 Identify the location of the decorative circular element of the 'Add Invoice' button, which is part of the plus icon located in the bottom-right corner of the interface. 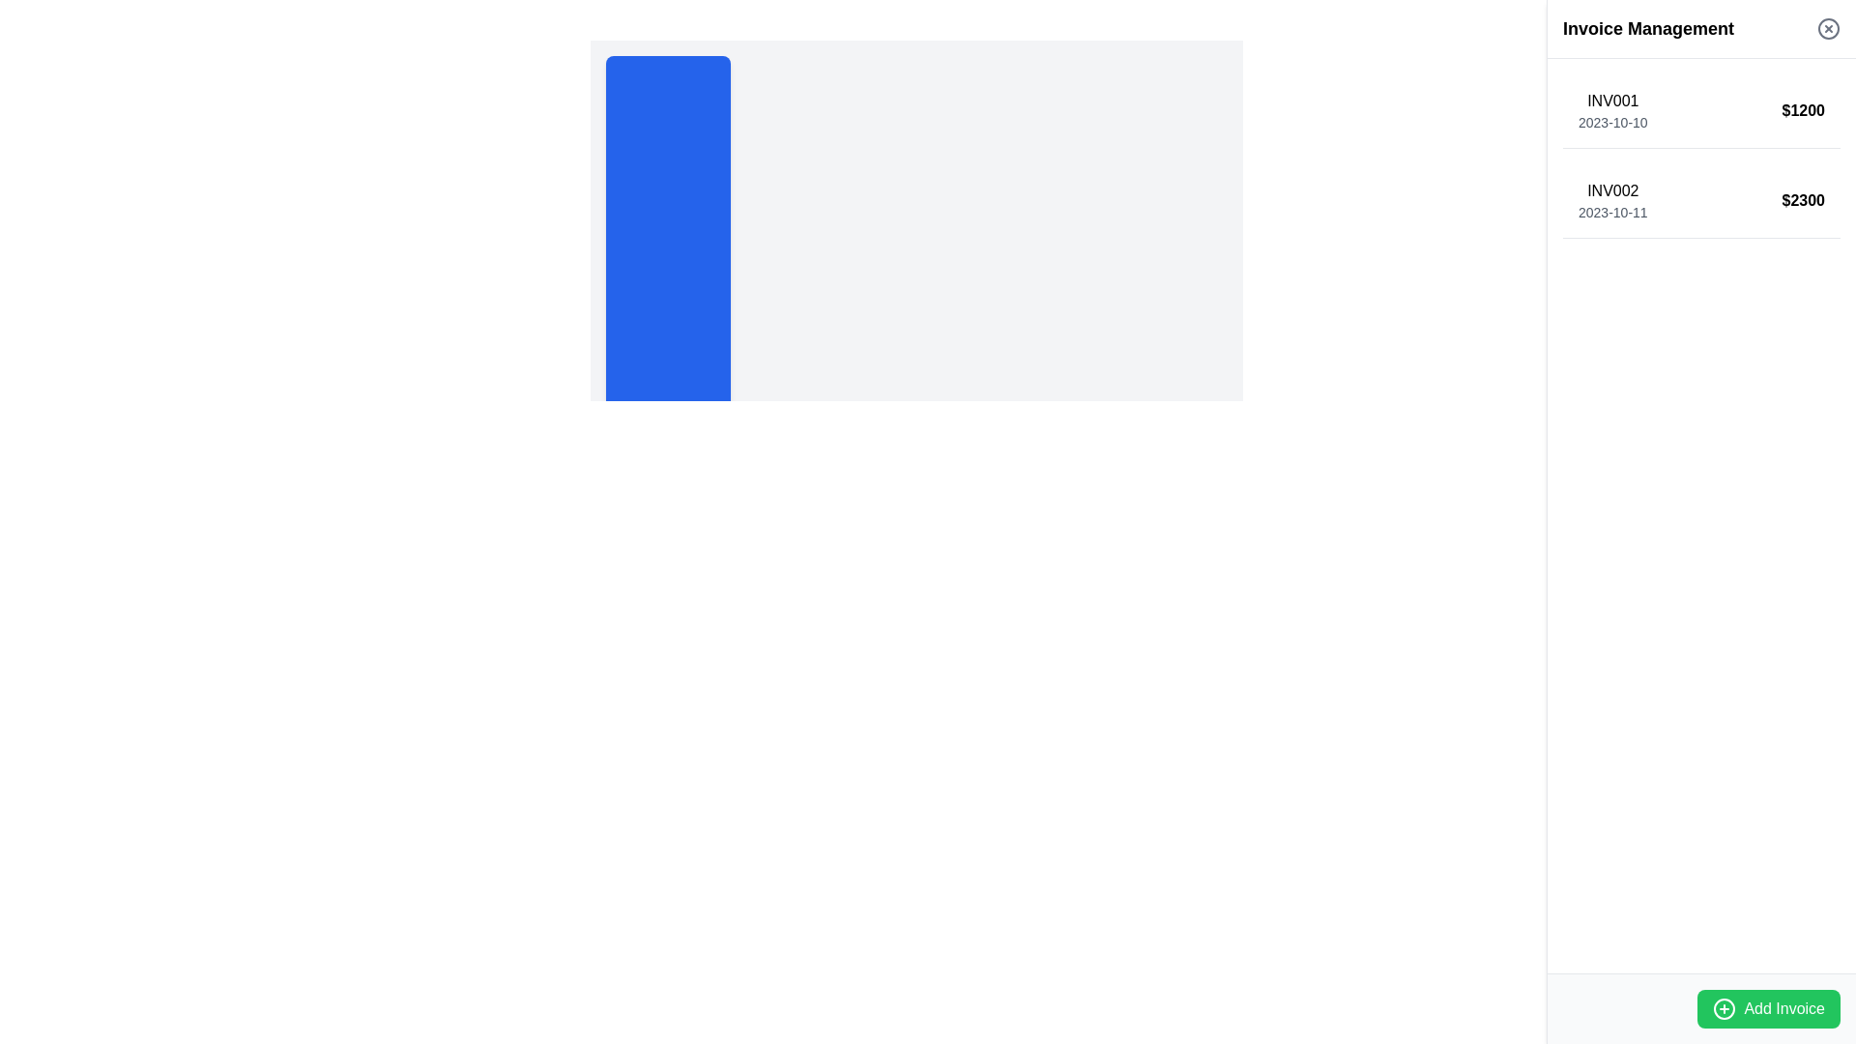
(1725, 1008).